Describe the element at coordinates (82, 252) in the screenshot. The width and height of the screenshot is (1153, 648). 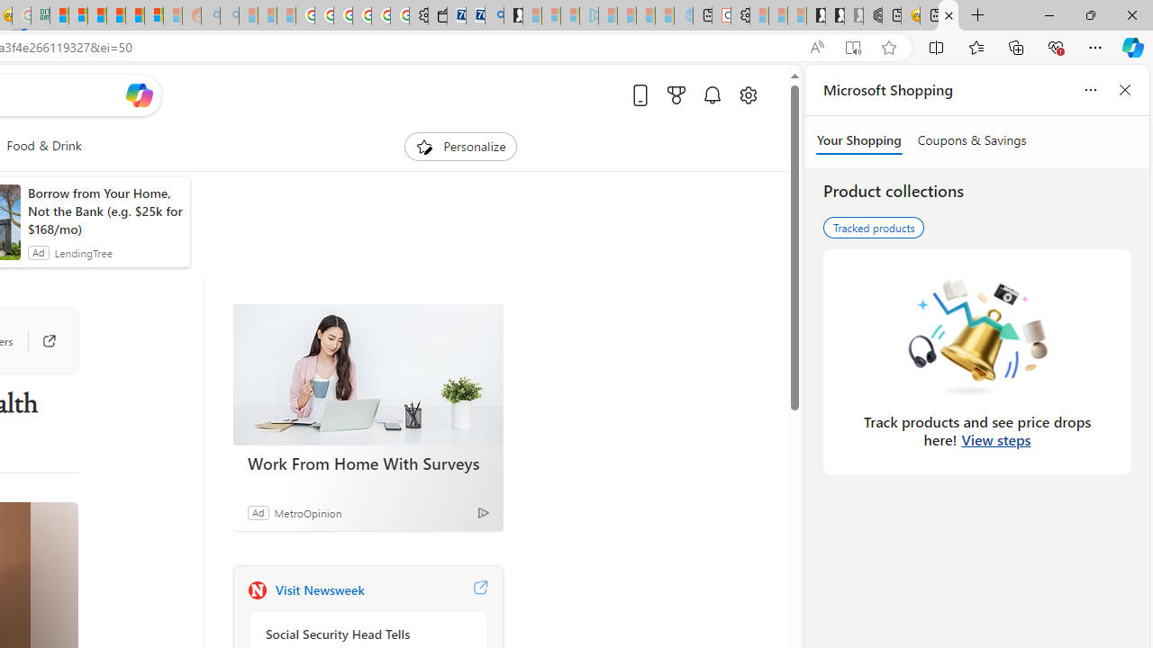
I see `'LendingTree'` at that location.